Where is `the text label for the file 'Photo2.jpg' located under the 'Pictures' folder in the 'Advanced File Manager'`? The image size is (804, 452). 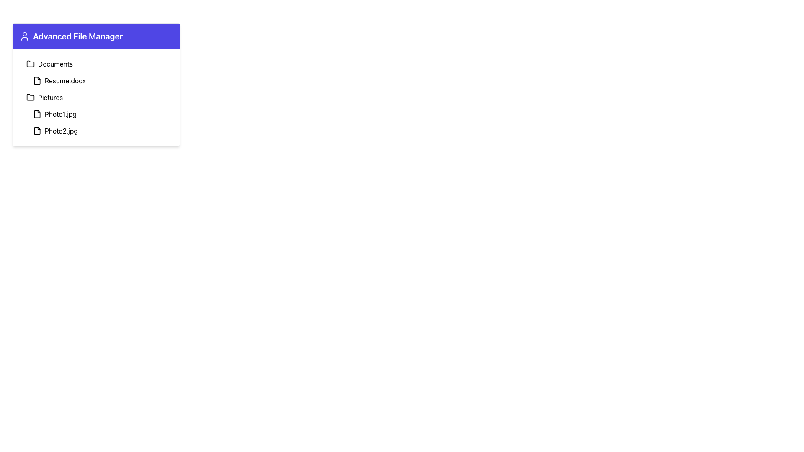 the text label for the file 'Photo2.jpg' located under the 'Pictures' folder in the 'Advanced File Manager' is located at coordinates (61, 131).